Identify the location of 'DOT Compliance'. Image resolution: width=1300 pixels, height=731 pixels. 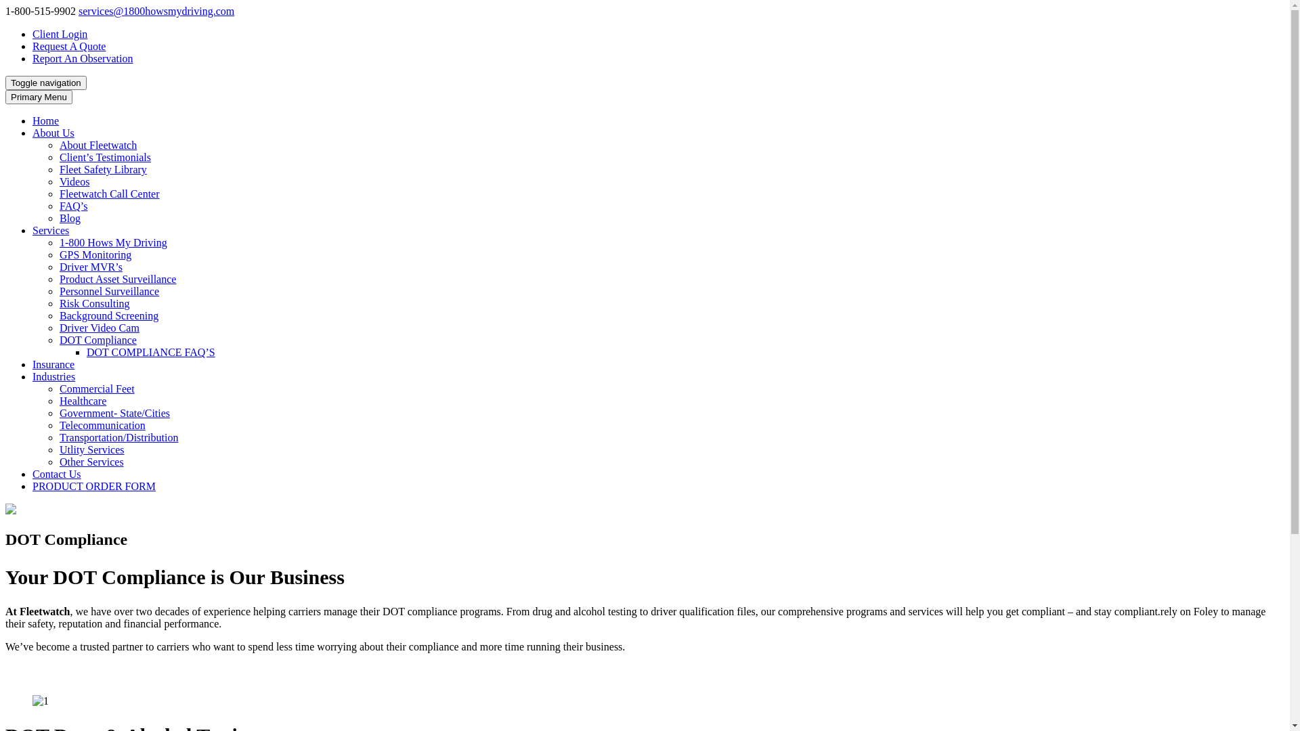
(97, 339).